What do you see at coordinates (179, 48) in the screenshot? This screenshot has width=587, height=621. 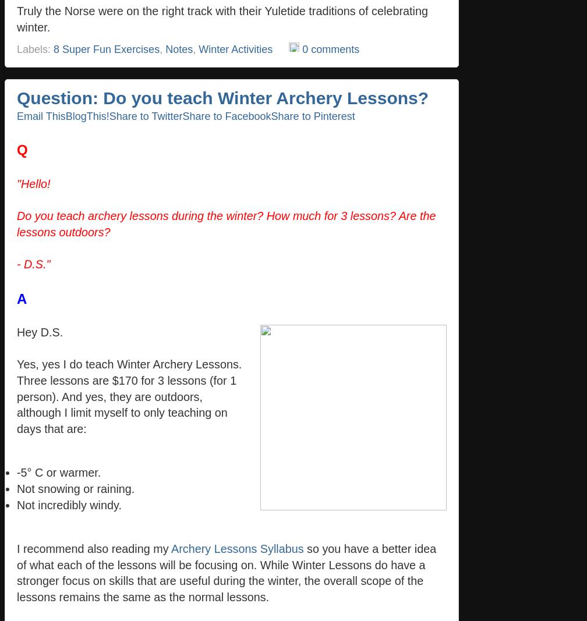 I see `'Notes'` at bounding box center [179, 48].